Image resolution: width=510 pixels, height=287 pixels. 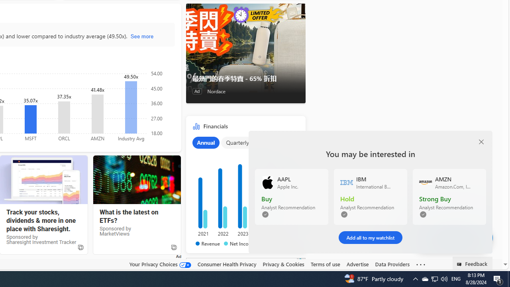 What do you see at coordinates (206, 142) in the screenshot?
I see `'Annual'` at bounding box center [206, 142].